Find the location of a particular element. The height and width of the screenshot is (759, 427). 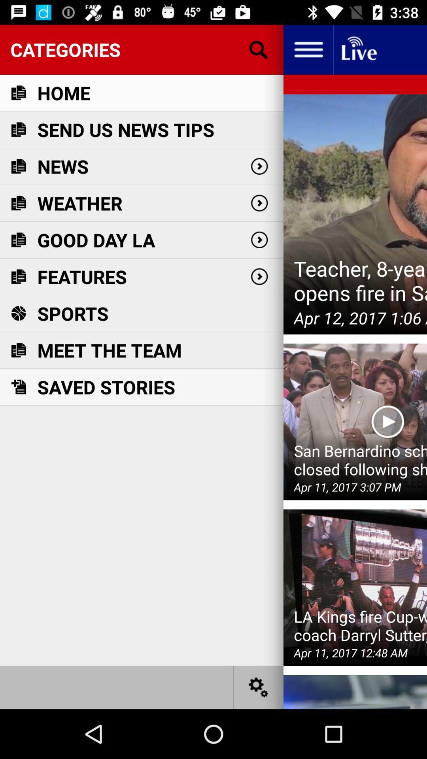

open menu is located at coordinates (308, 49).